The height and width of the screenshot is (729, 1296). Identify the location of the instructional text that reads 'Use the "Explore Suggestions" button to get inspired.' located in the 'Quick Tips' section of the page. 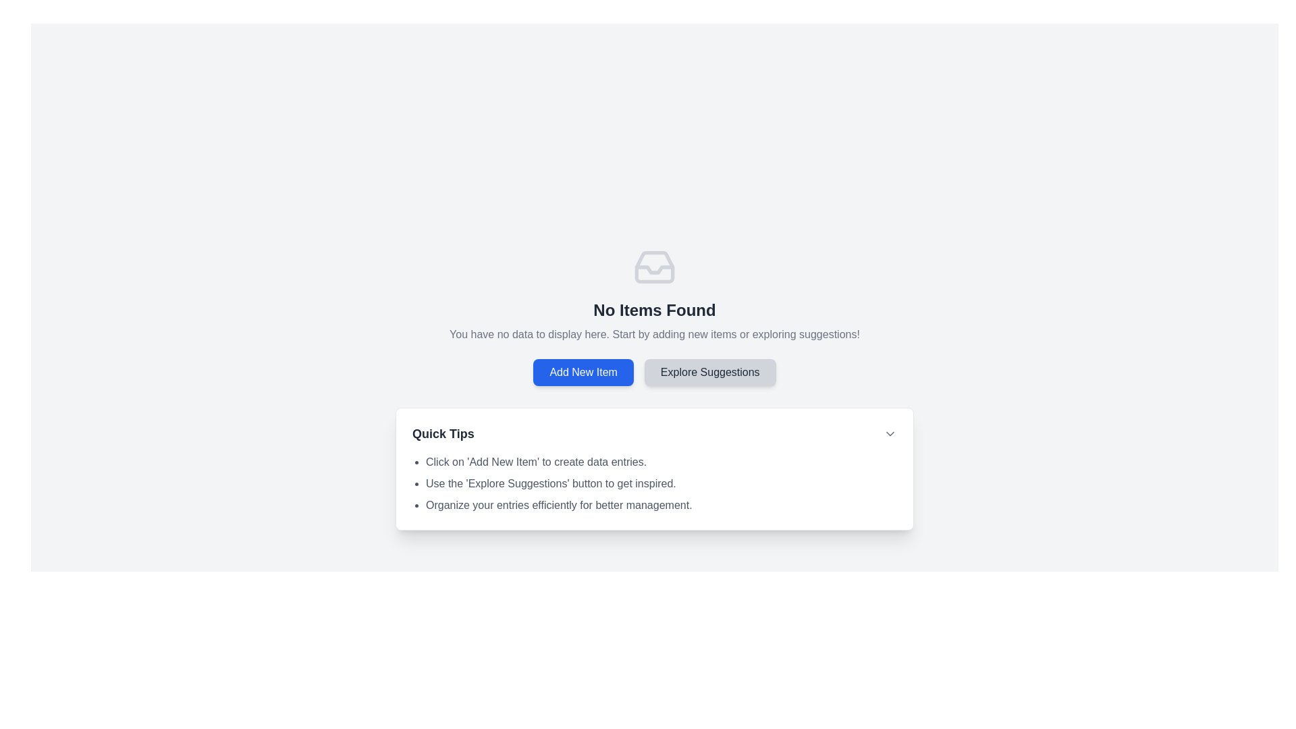
(661, 483).